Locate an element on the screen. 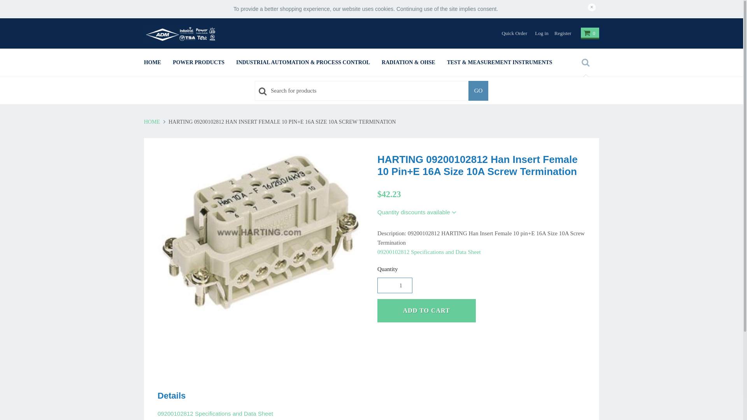 The width and height of the screenshot is (747, 420). 'Quick Order' is located at coordinates (511, 33).